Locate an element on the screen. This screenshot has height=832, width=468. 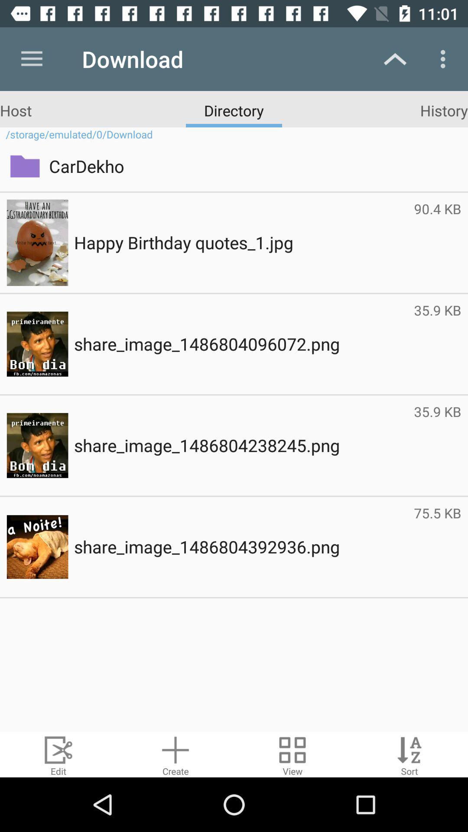
photo album is located at coordinates (292, 754).